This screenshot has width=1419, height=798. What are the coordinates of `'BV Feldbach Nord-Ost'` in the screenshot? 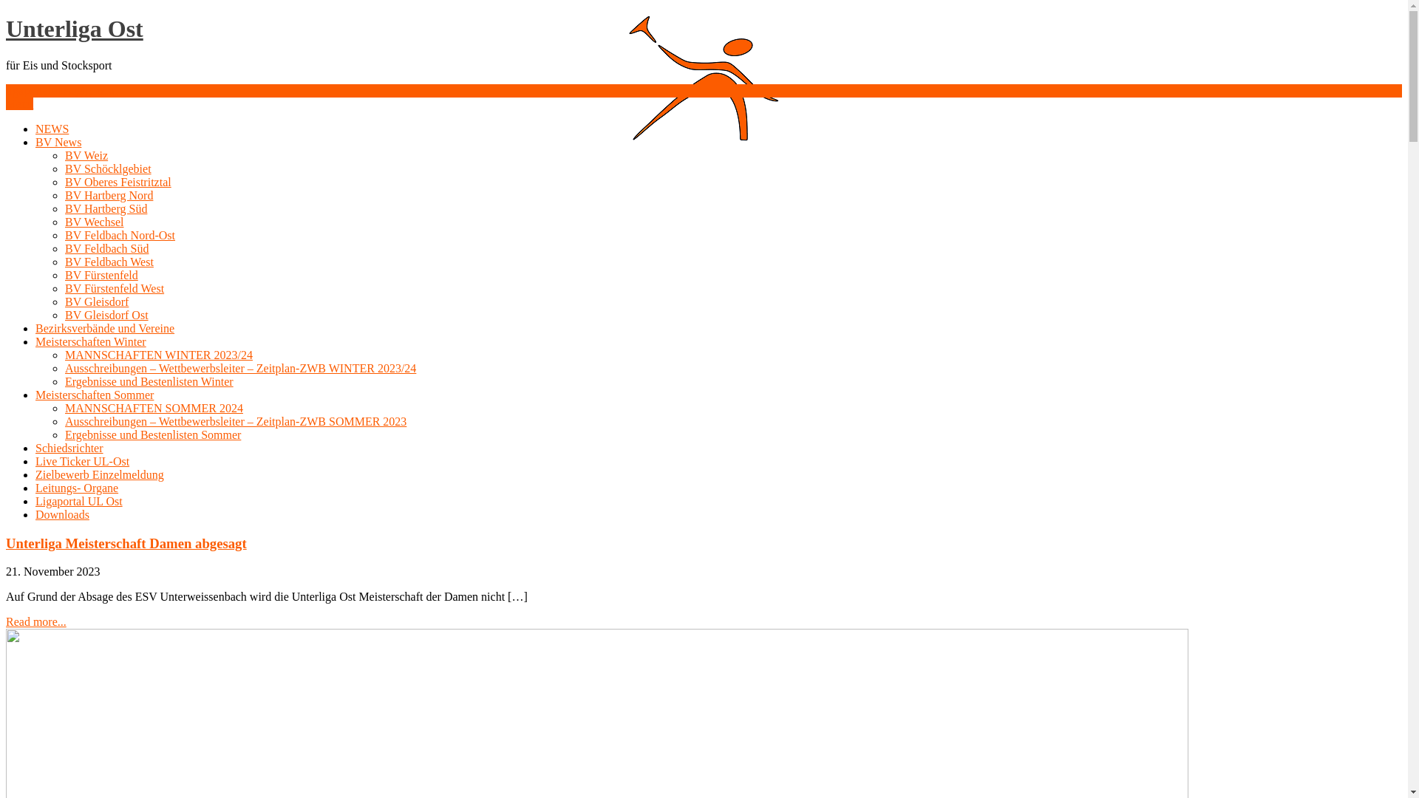 It's located at (120, 234).